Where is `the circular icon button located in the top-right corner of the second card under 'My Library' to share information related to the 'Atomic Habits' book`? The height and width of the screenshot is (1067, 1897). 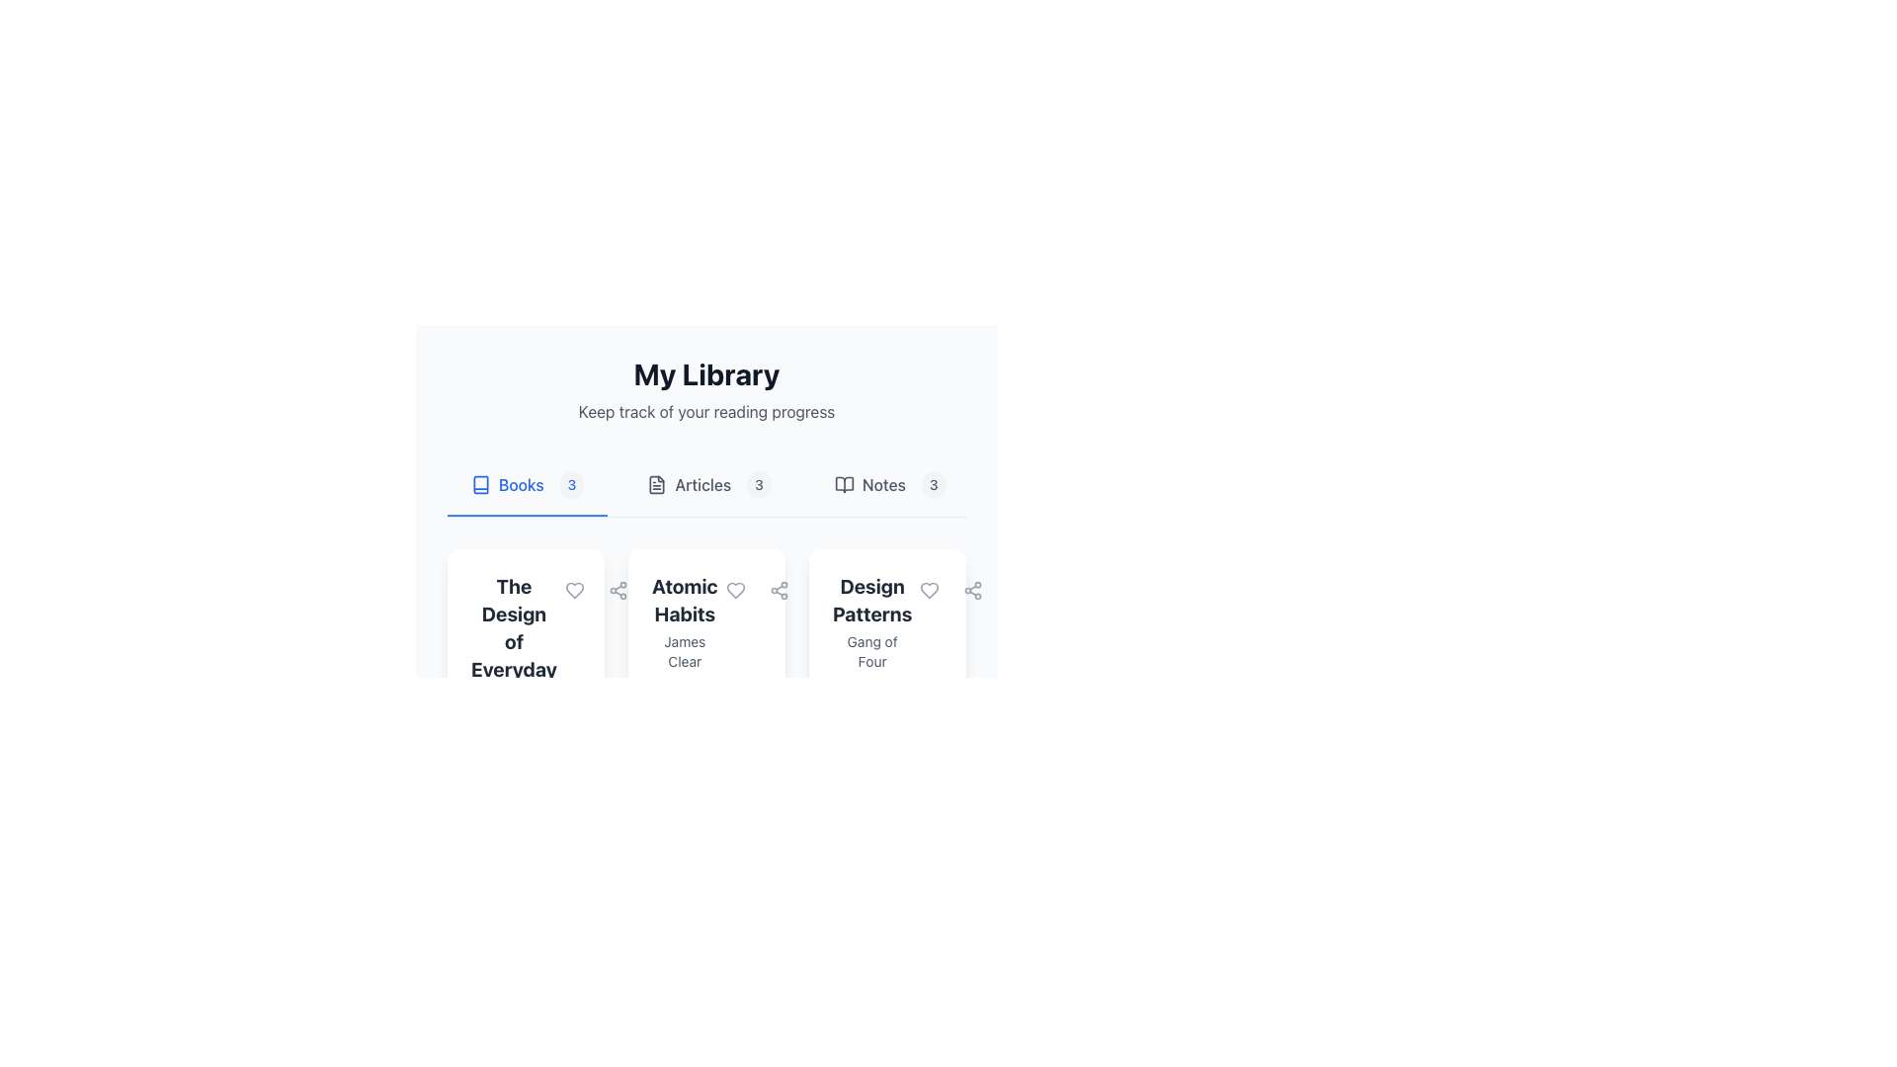
the circular icon button located in the top-right corner of the second card under 'My Library' to share information related to the 'Atomic Habits' book is located at coordinates (617, 589).